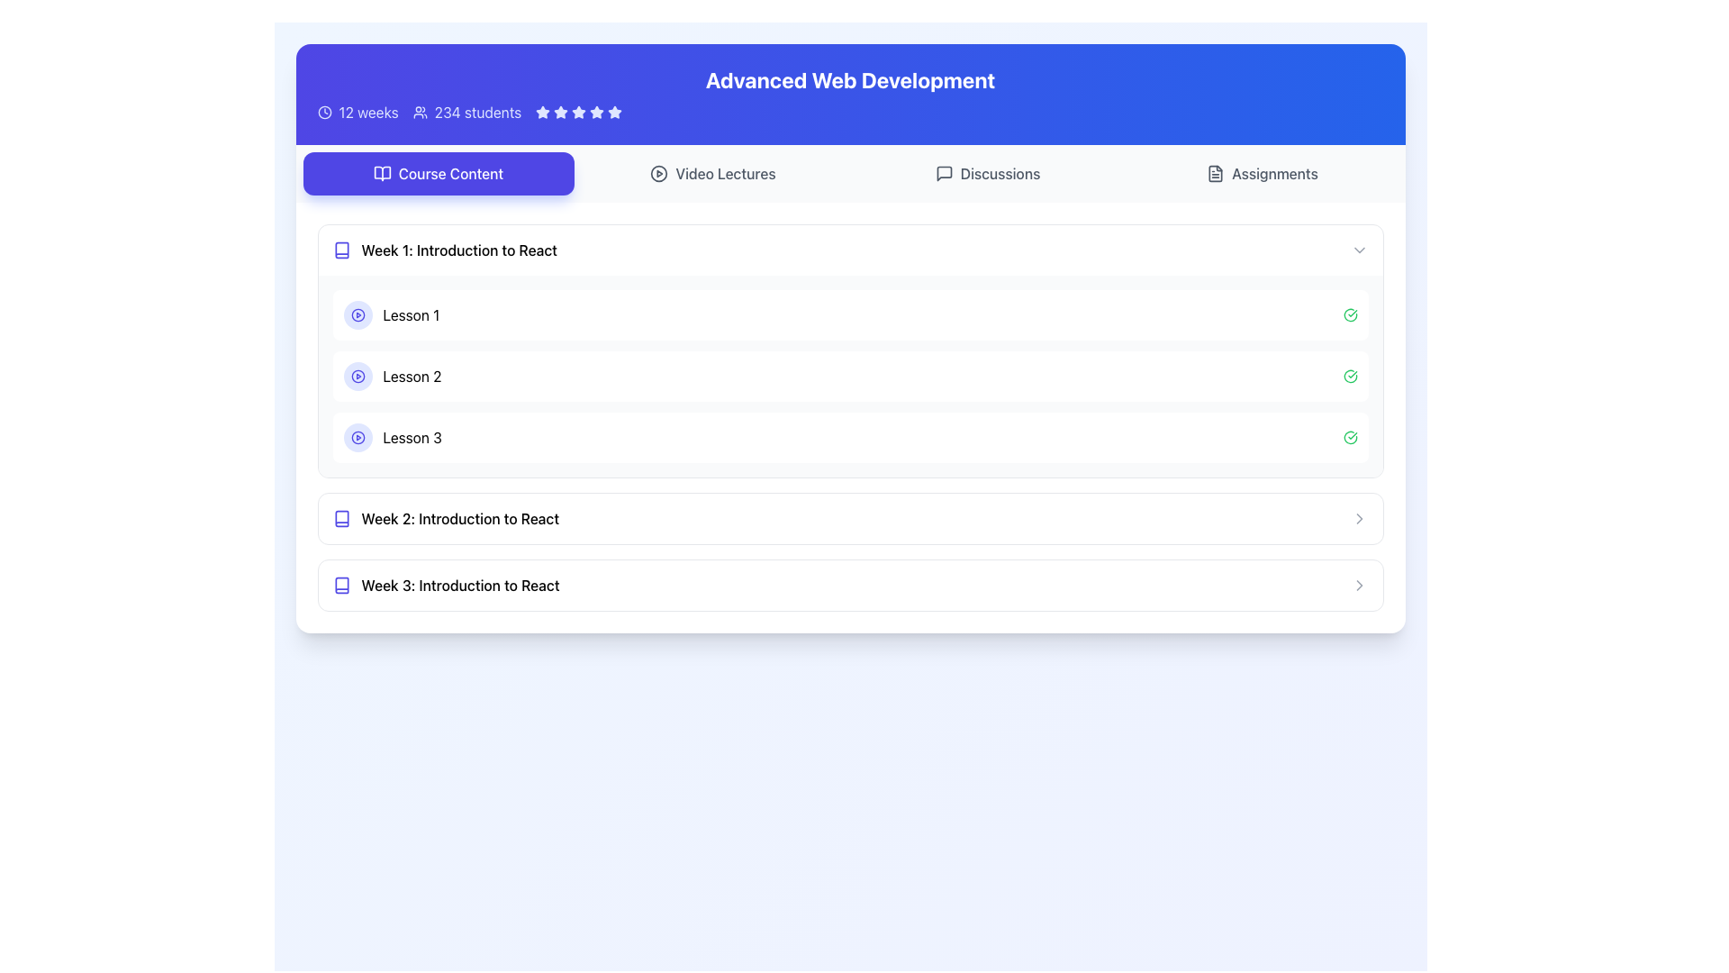 The height and width of the screenshot is (973, 1729). What do you see at coordinates (358, 438) in the screenshot?
I see `the circular play button with a light indigo background located under 'Lesson 3' in the 'Week 1: Introduction to React' course content section` at bounding box center [358, 438].